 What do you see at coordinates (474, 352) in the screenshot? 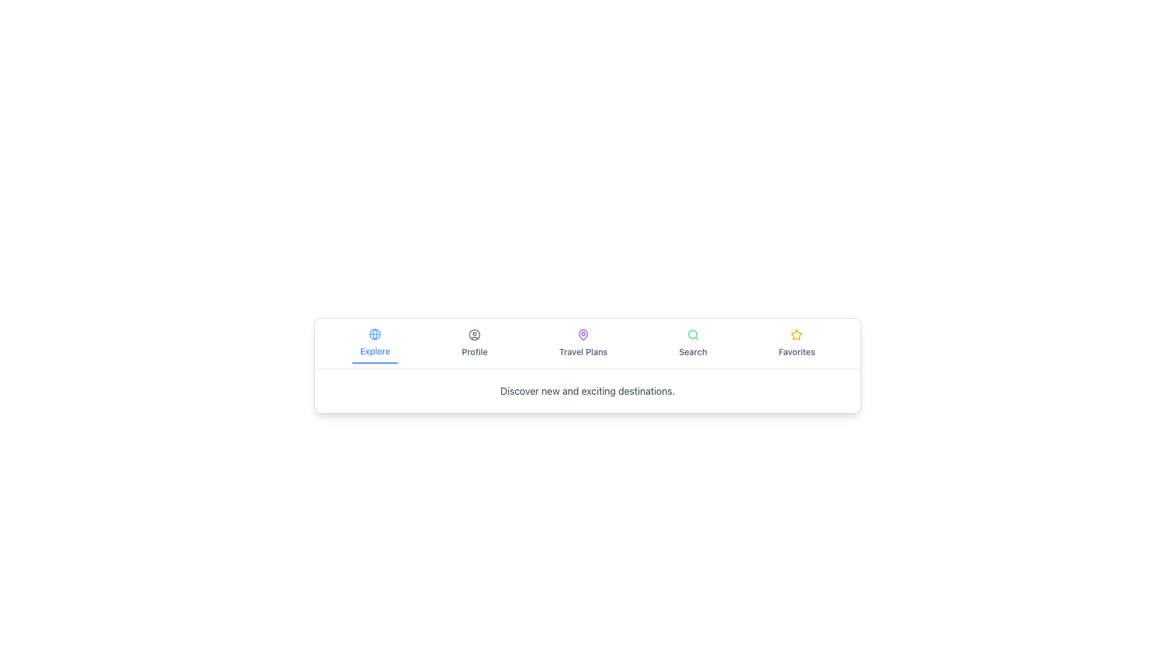
I see `the 'Profile' text label located in the bottom navigation bar, positioned below the user icon` at bounding box center [474, 352].